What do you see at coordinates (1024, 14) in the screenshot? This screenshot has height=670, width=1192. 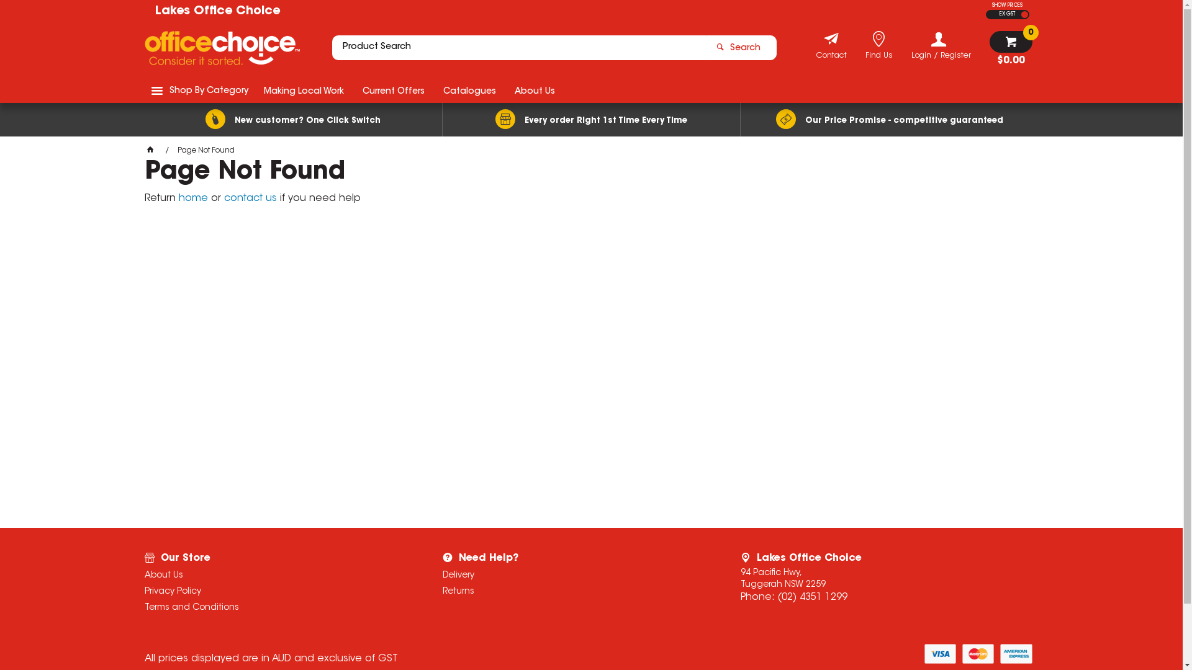 I see `'INC GST'` at bounding box center [1024, 14].